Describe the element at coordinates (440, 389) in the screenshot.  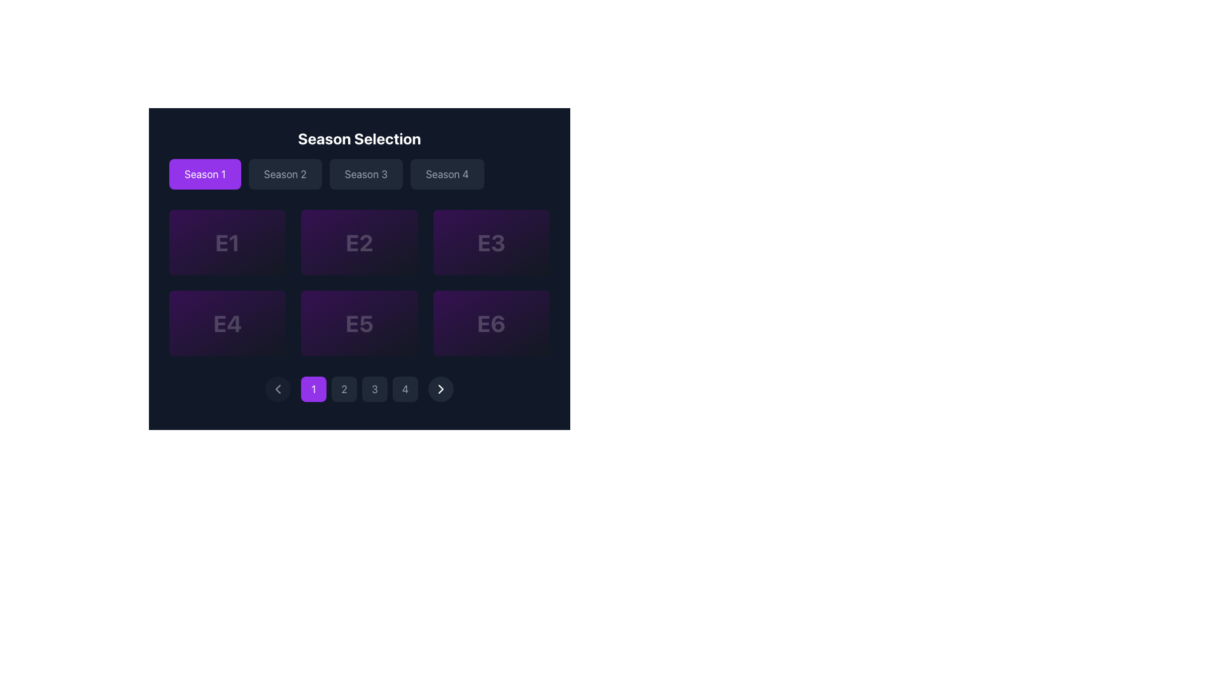
I see `the right-pointing chevron button` at that location.